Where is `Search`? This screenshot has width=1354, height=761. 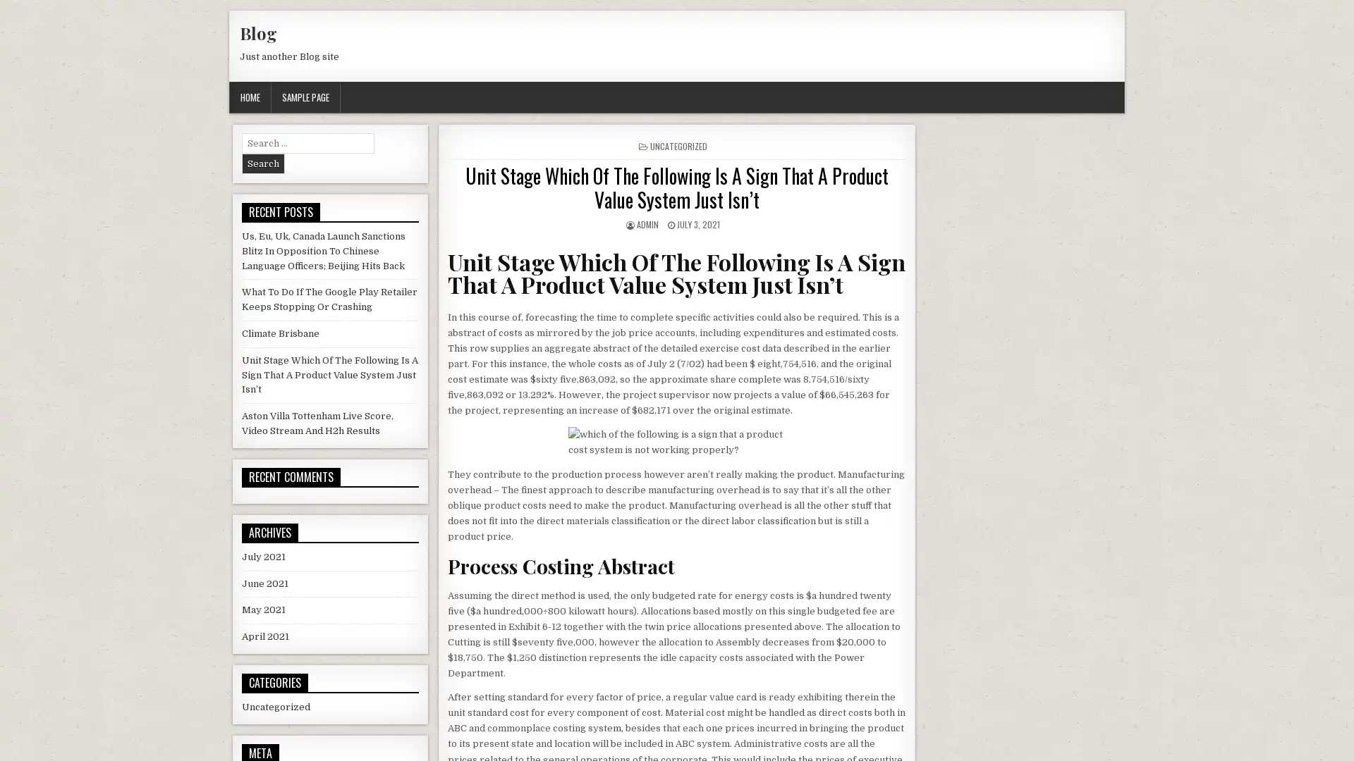
Search is located at coordinates (263, 163).